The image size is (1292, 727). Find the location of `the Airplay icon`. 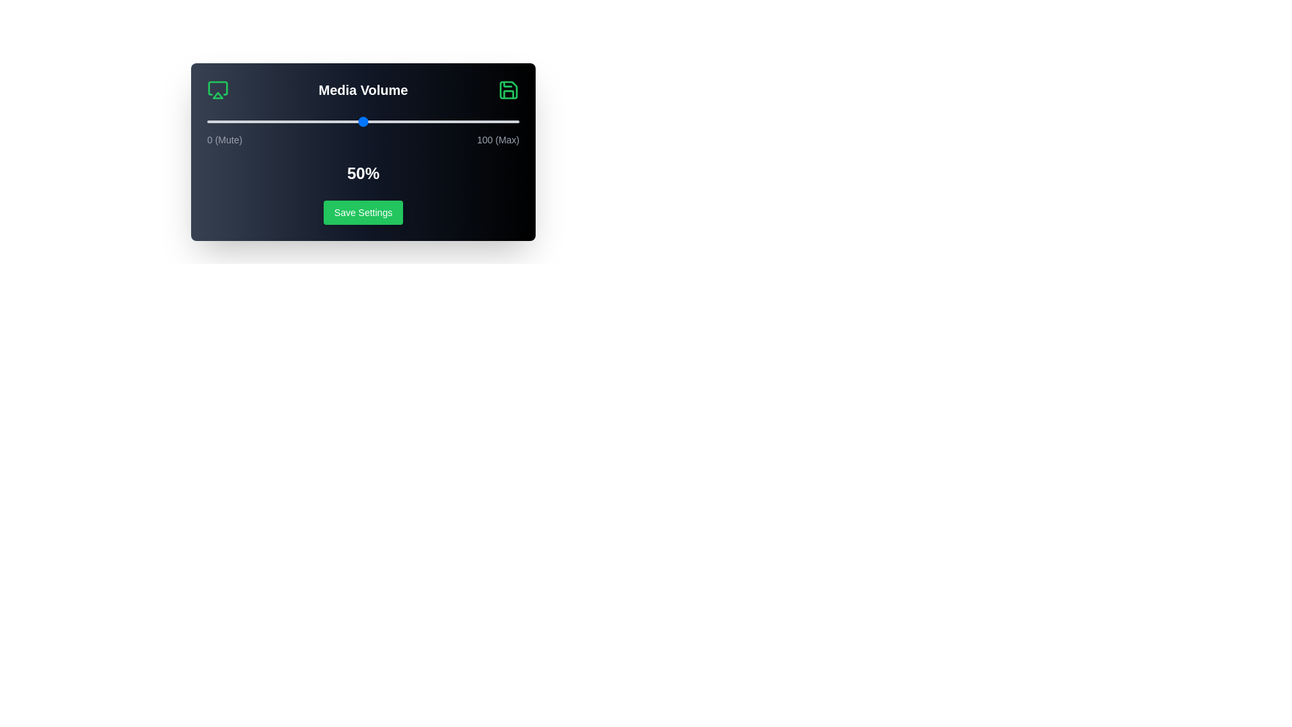

the Airplay icon is located at coordinates (218, 90).